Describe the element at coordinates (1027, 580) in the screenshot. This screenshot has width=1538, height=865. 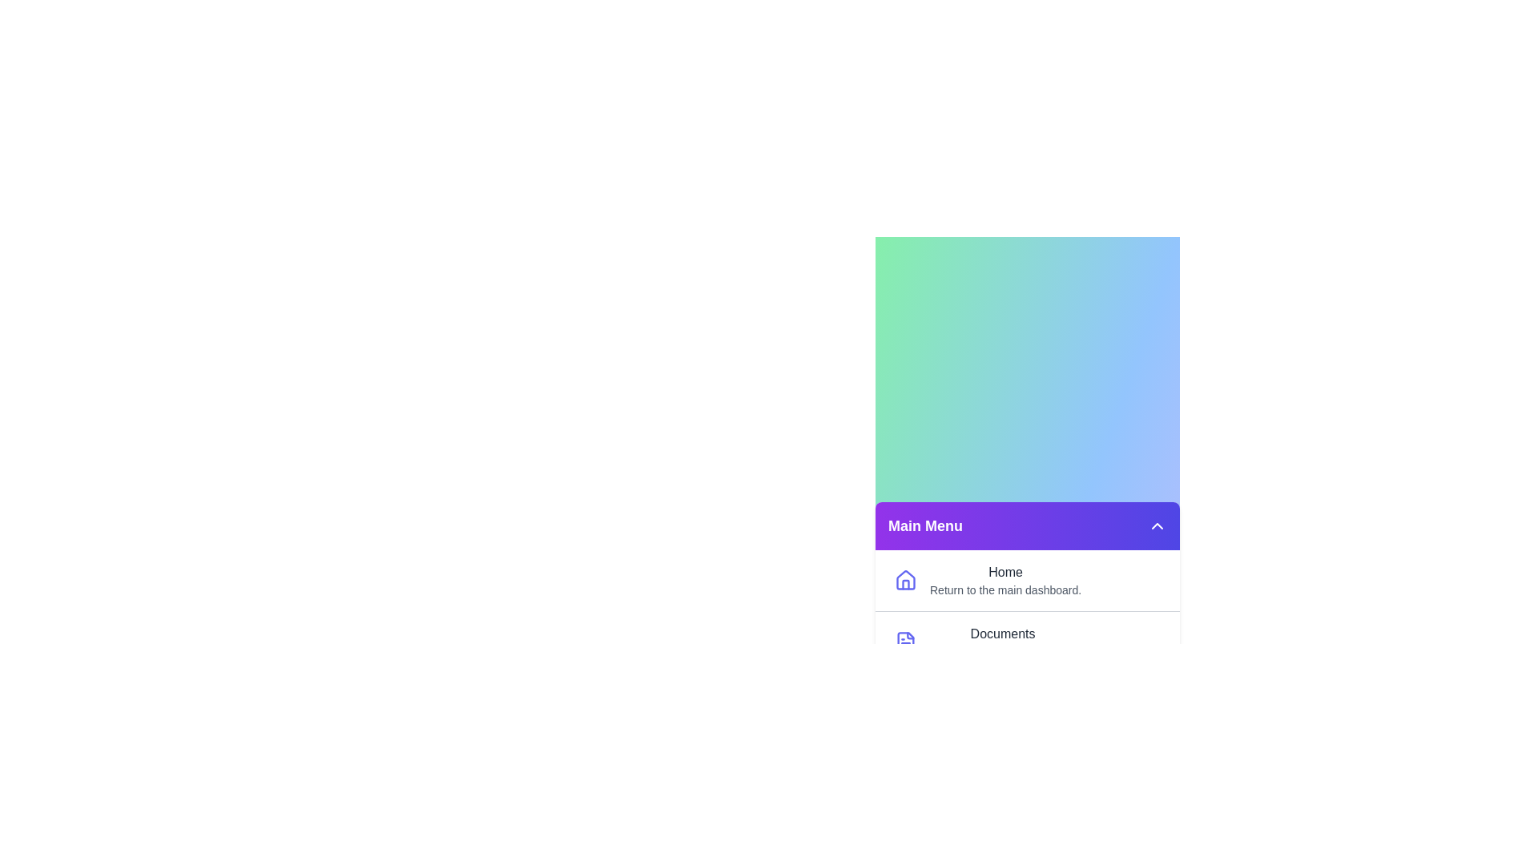
I see `the menu item labeled Home to reveal its tooltip or visual feedback` at that location.